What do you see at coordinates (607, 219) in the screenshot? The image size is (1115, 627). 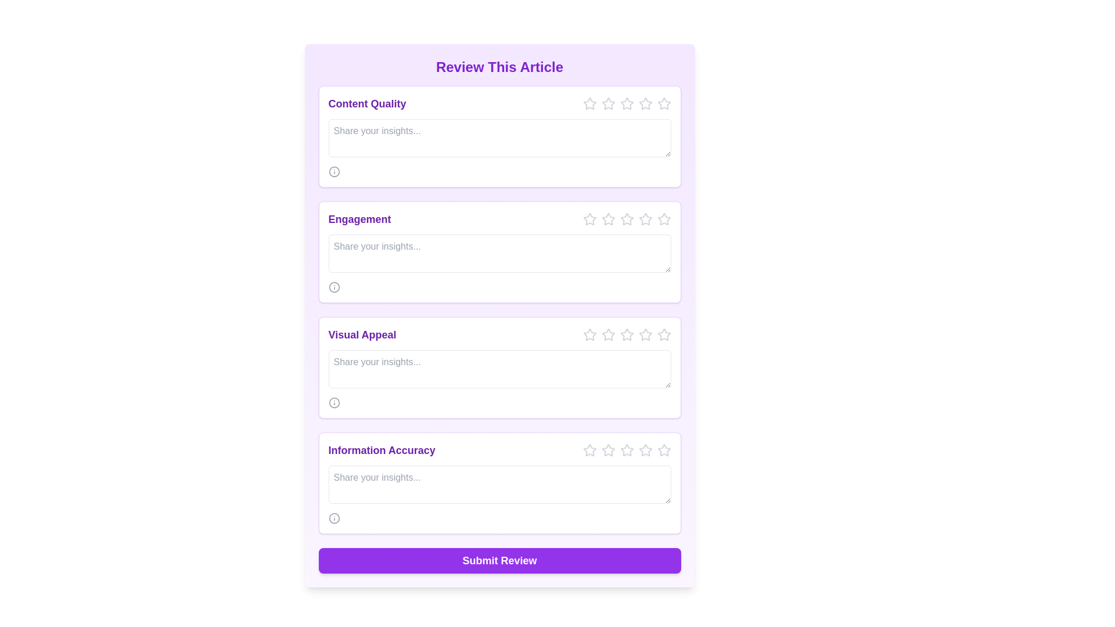 I see `the second star icon in the rating system for 'Engagement' in the review form, which is styled in gray and scales up on hover` at bounding box center [607, 219].